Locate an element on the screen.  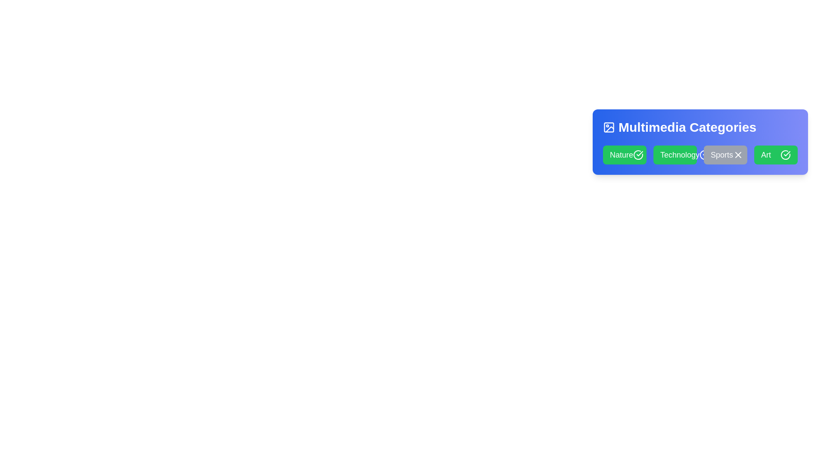
the 'Sports' button, which is a gray rectangular button with white text and an 'X' icon, positioned between the 'Technology' and 'Art' buttons is located at coordinates (725, 154).